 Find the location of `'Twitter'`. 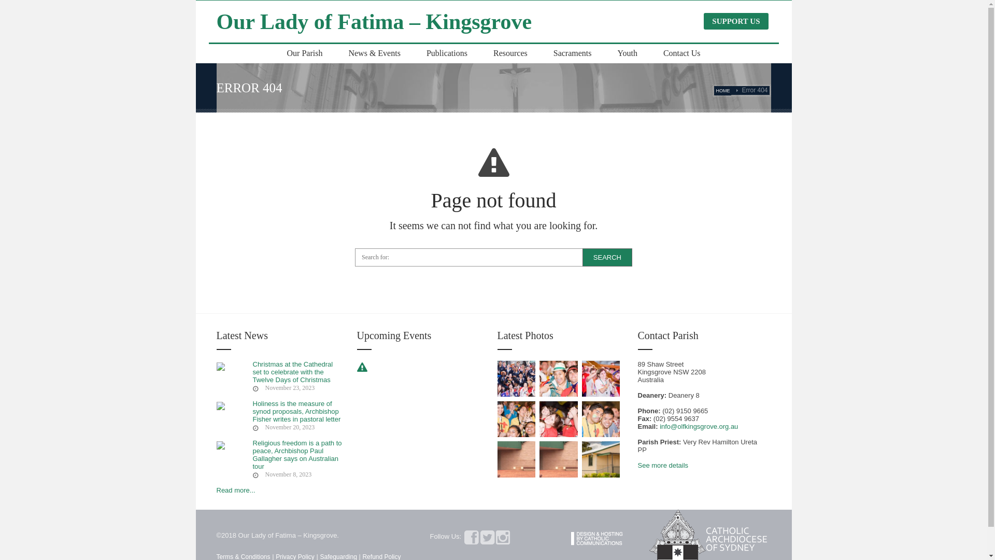

'Twitter' is located at coordinates (487, 540).